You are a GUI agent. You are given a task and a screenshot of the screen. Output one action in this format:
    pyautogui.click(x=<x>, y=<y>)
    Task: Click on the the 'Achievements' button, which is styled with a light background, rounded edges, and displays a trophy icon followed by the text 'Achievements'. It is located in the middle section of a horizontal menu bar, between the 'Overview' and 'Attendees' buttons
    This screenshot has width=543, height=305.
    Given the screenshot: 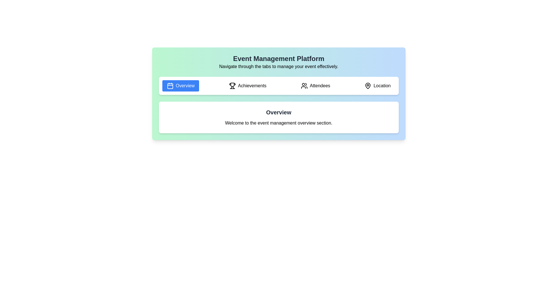 What is the action you would take?
    pyautogui.click(x=247, y=86)
    